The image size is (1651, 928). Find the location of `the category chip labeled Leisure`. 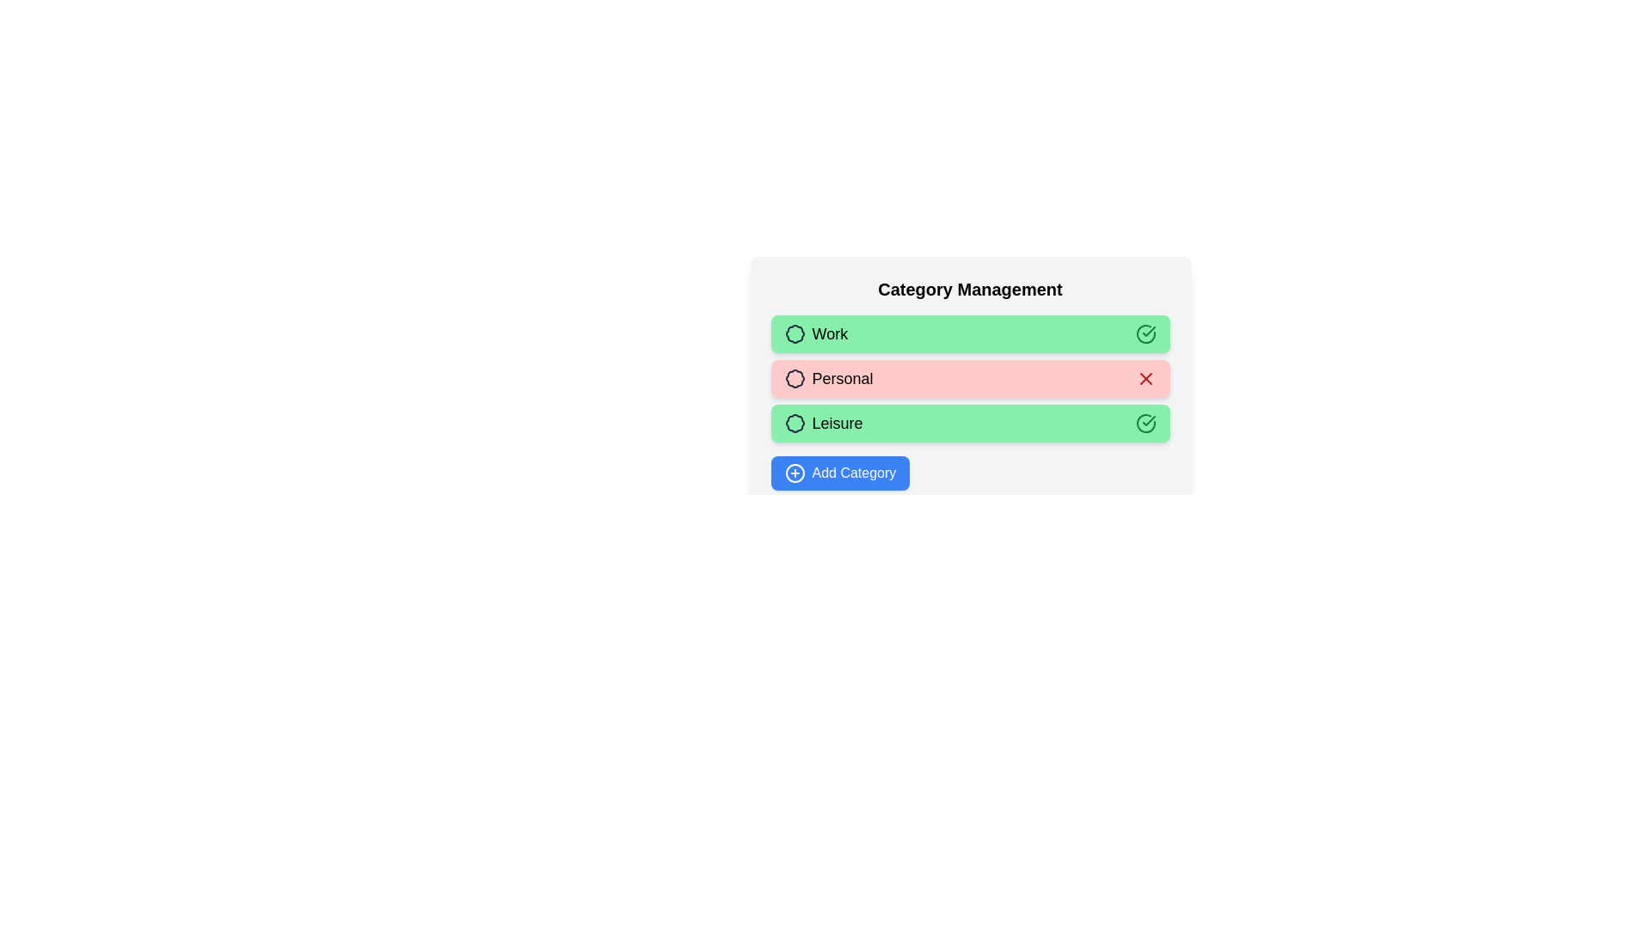

the category chip labeled Leisure is located at coordinates (970, 424).